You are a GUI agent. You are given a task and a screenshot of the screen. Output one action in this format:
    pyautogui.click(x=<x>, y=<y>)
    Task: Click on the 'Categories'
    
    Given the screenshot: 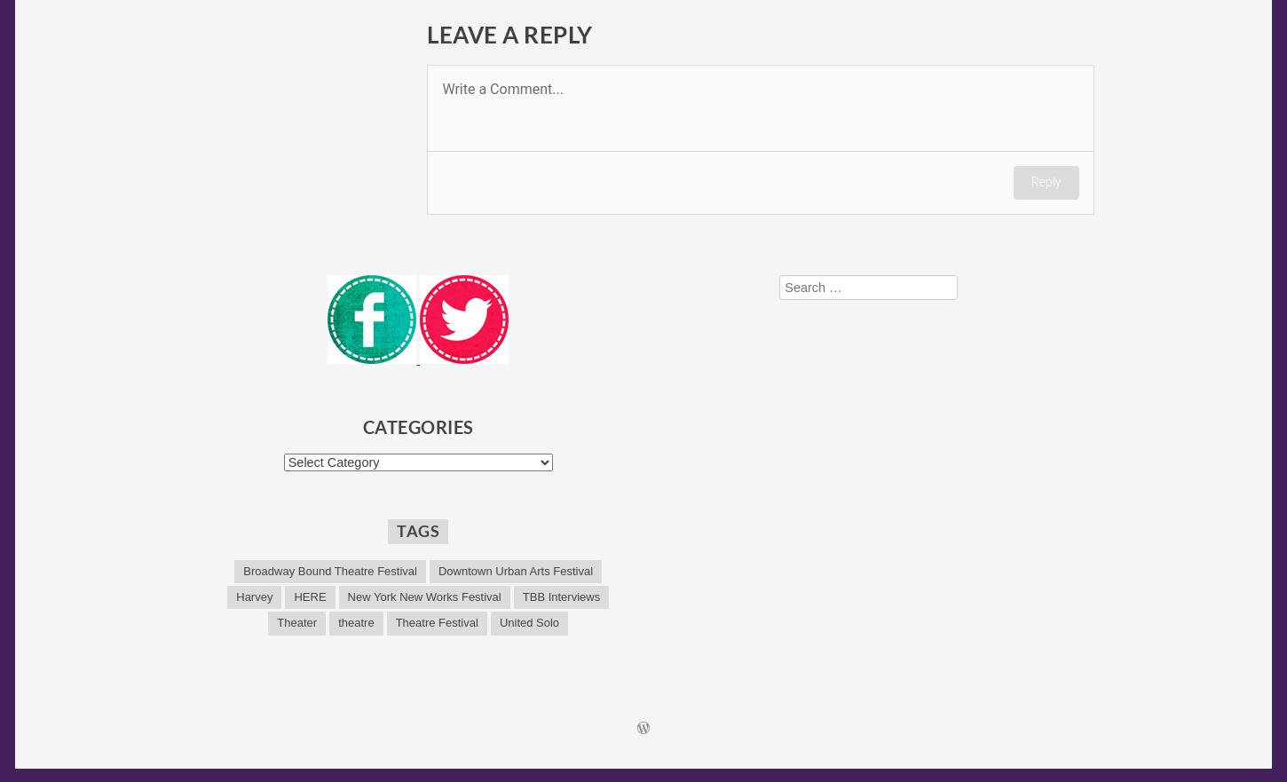 What is the action you would take?
    pyautogui.click(x=416, y=424)
    